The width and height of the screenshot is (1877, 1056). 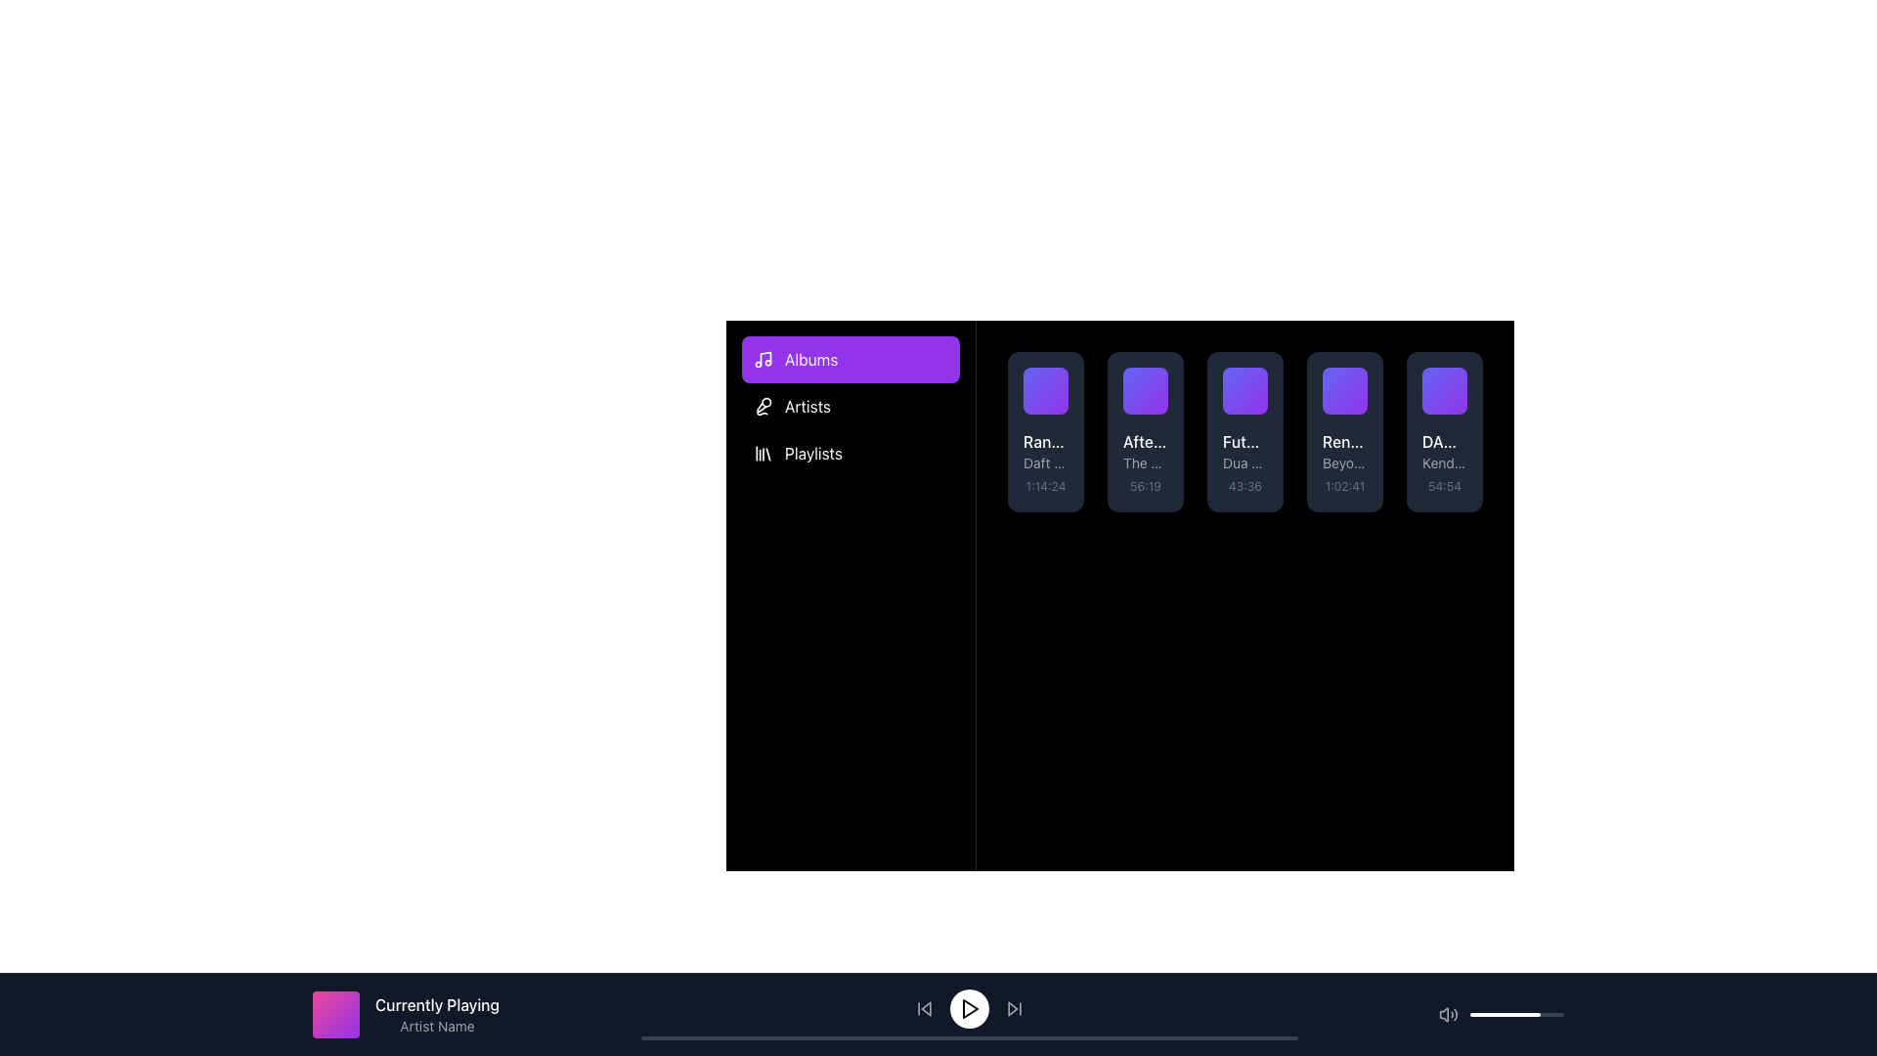 I want to click on album title 'Random Access Memories' displayed in the static text label located in the center-right section of the application interface, so click(x=1045, y=441).